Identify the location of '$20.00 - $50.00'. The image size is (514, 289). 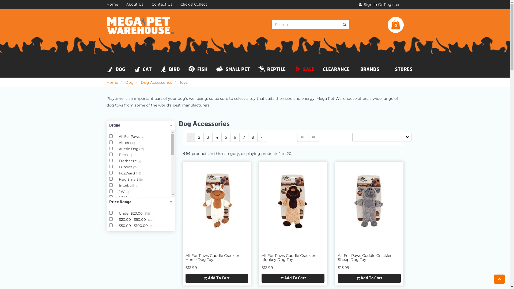
(133, 219).